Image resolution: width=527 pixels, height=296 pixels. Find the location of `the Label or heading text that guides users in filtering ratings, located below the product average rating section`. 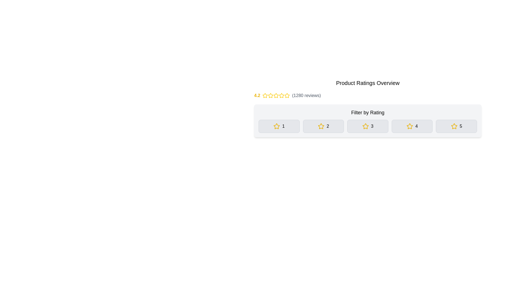

the Label or heading text that guides users in filtering ratings, located below the product average rating section is located at coordinates (368, 108).